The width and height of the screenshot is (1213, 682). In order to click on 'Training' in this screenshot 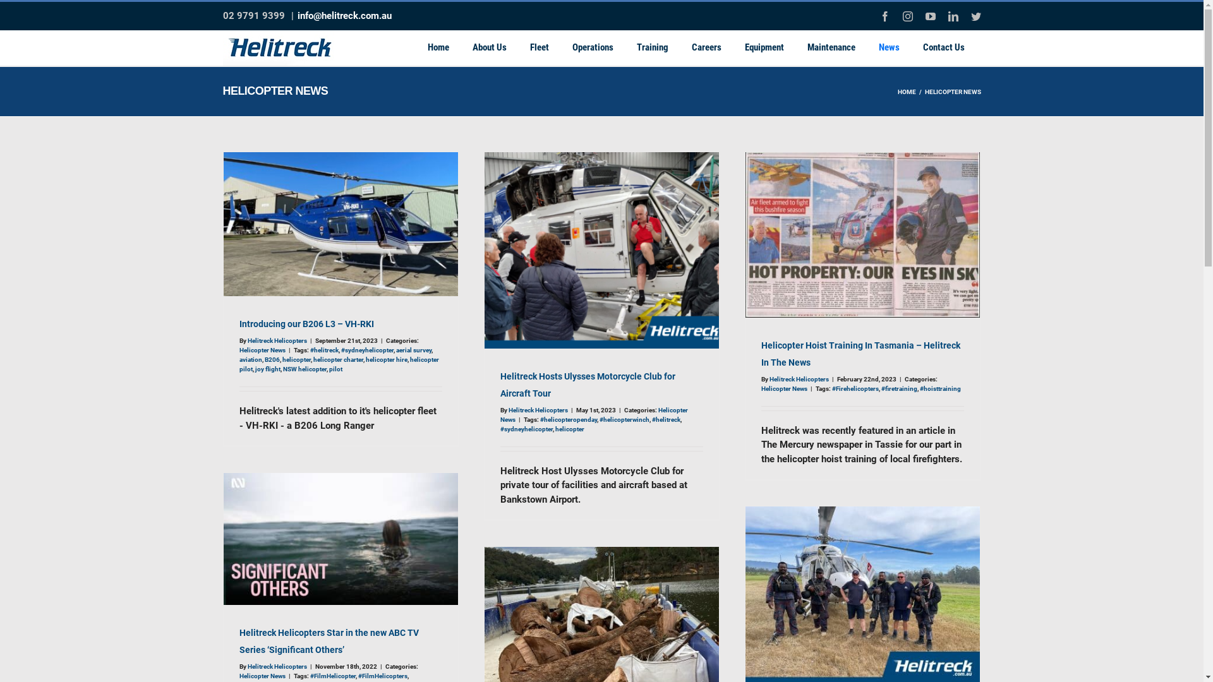, I will do `click(652, 47)`.